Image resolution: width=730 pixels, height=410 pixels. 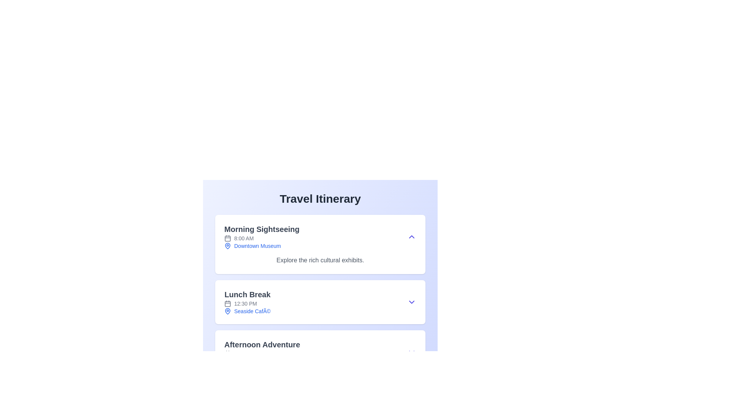 I want to click on the calendar icon located to the left of the '8:00 AM' text in the 'Morning Sightseeing' section of the 'Travel Itinerary' interface, which visually indicates scheduled timing or dates, so click(x=227, y=238).